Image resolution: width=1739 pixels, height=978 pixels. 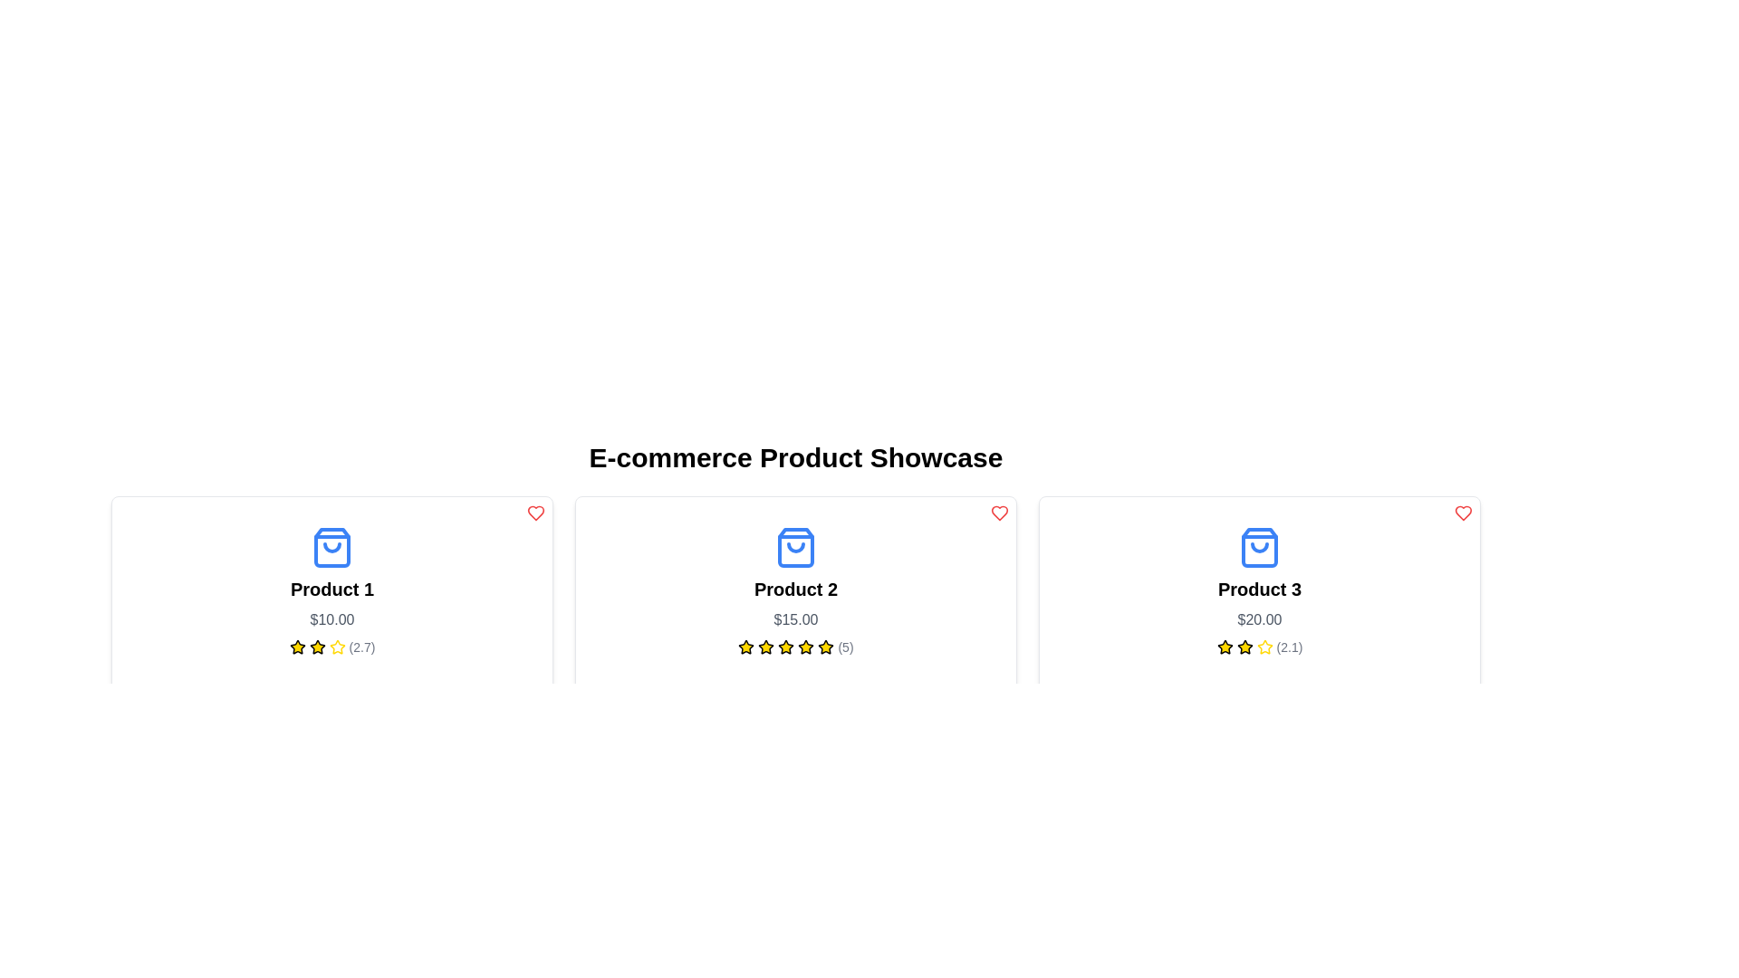 What do you see at coordinates (1244, 646) in the screenshot?
I see `the star icon representing the rating for 'Product 3'` at bounding box center [1244, 646].